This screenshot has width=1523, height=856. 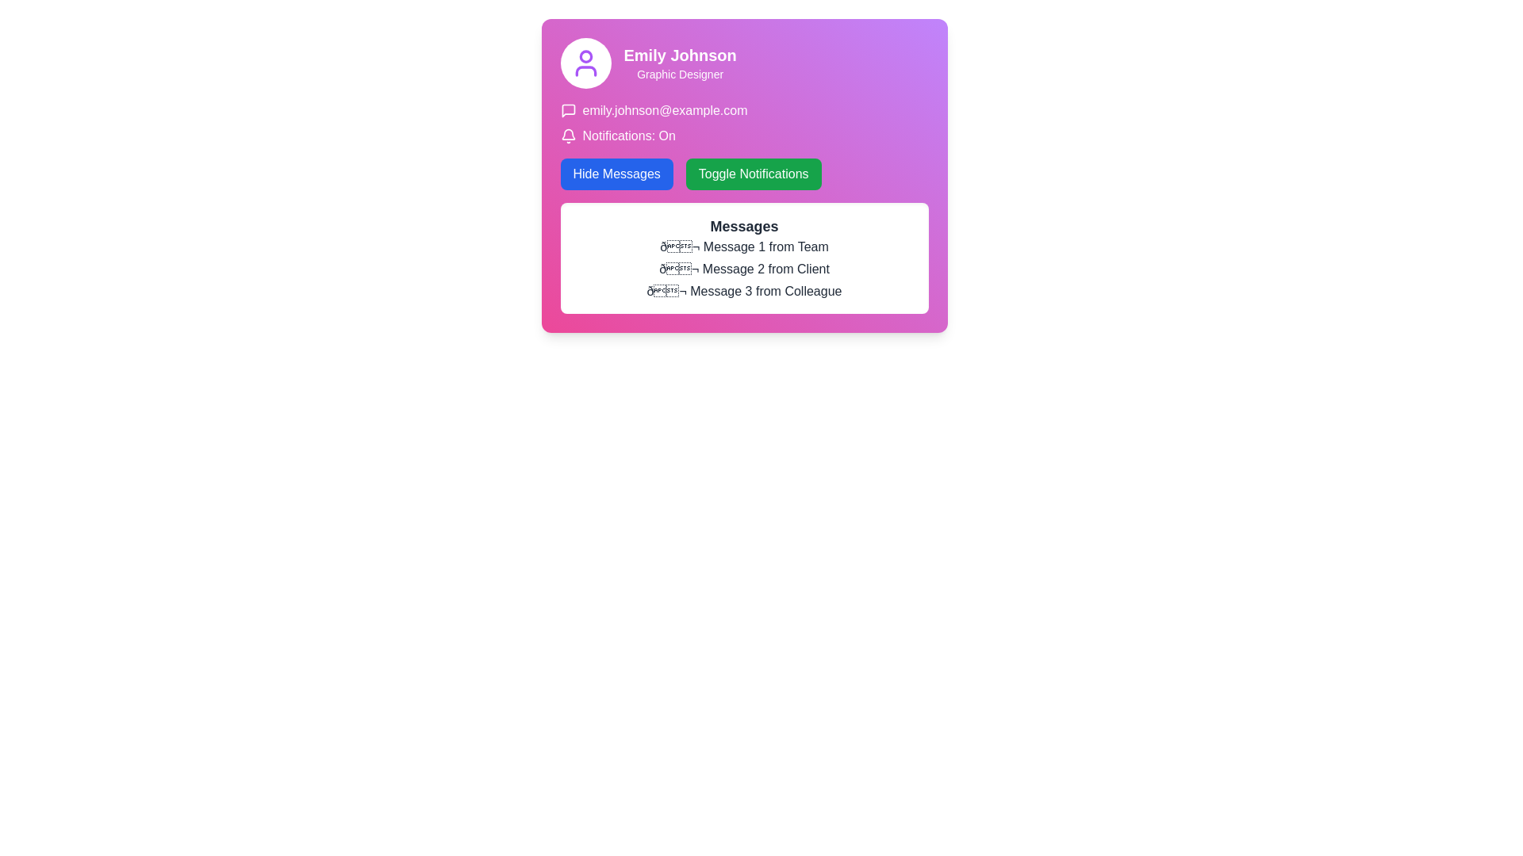 I want to click on the email address displayed in white font on a purple-pink gradient background, which is positioned to the right of a message bubble icon and above the 'Notifications: On' text, so click(x=665, y=109).